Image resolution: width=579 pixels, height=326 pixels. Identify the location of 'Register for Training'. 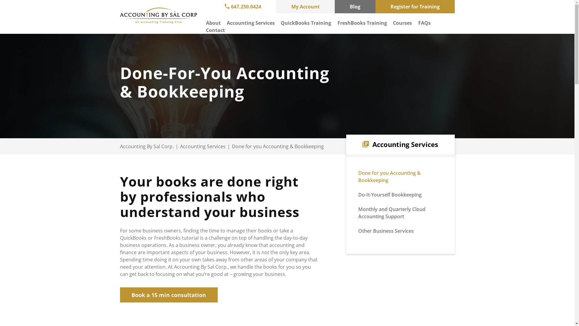
(414, 7).